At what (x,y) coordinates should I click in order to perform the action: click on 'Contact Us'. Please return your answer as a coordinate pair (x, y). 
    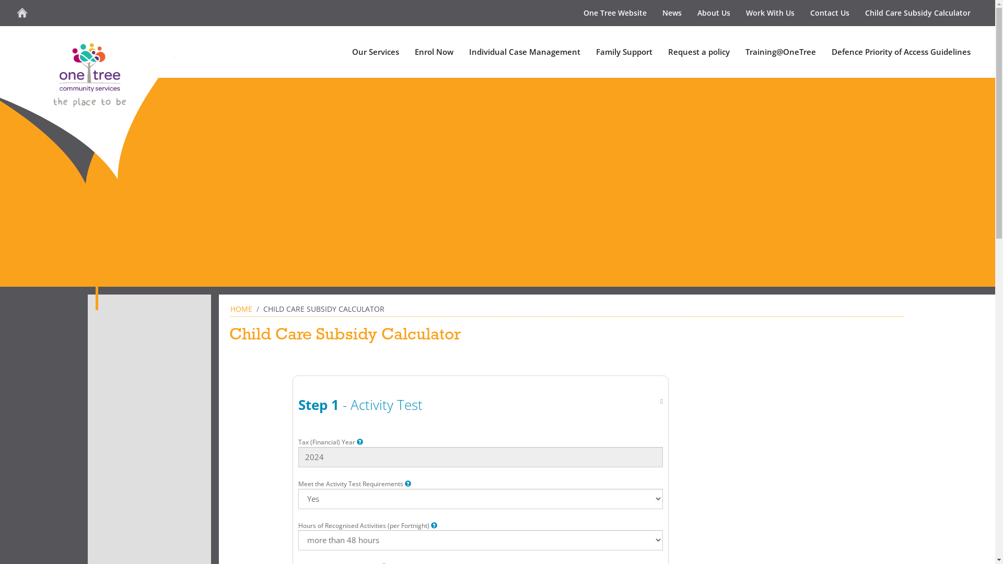
    Looking at the image, I should click on (829, 13).